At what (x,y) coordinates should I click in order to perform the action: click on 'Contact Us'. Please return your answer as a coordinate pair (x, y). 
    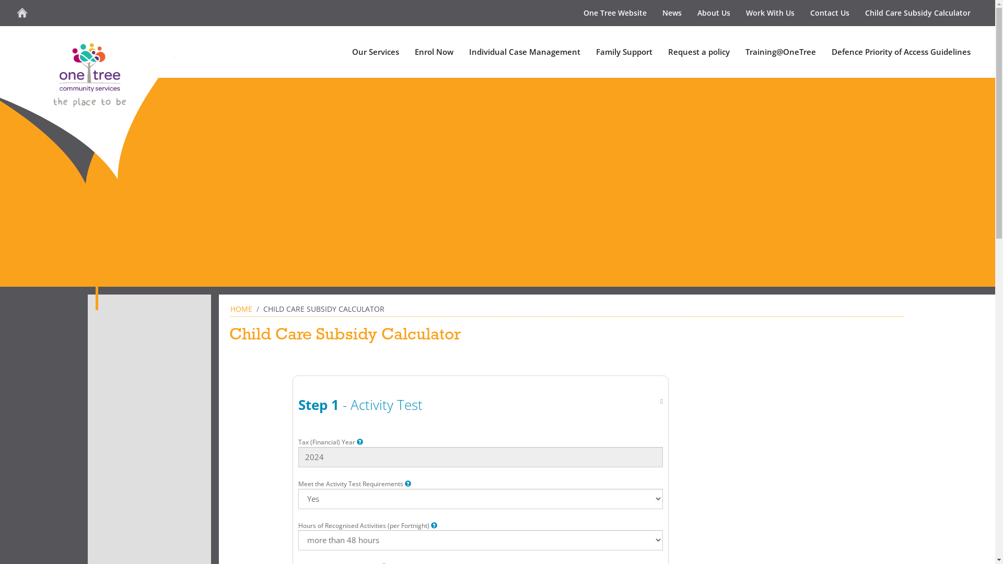
    Looking at the image, I should click on (829, 13).